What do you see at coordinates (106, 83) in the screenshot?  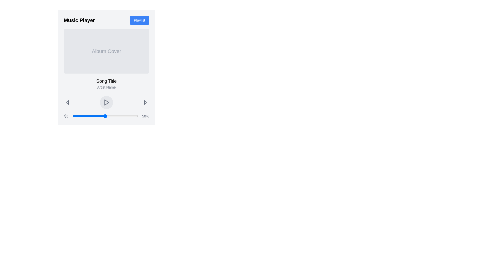 I see `the text label displaying 'Song Title' and 'Artist Name', which is located below the image placeholder and above the music controls section` at bounding box center [106, 83].